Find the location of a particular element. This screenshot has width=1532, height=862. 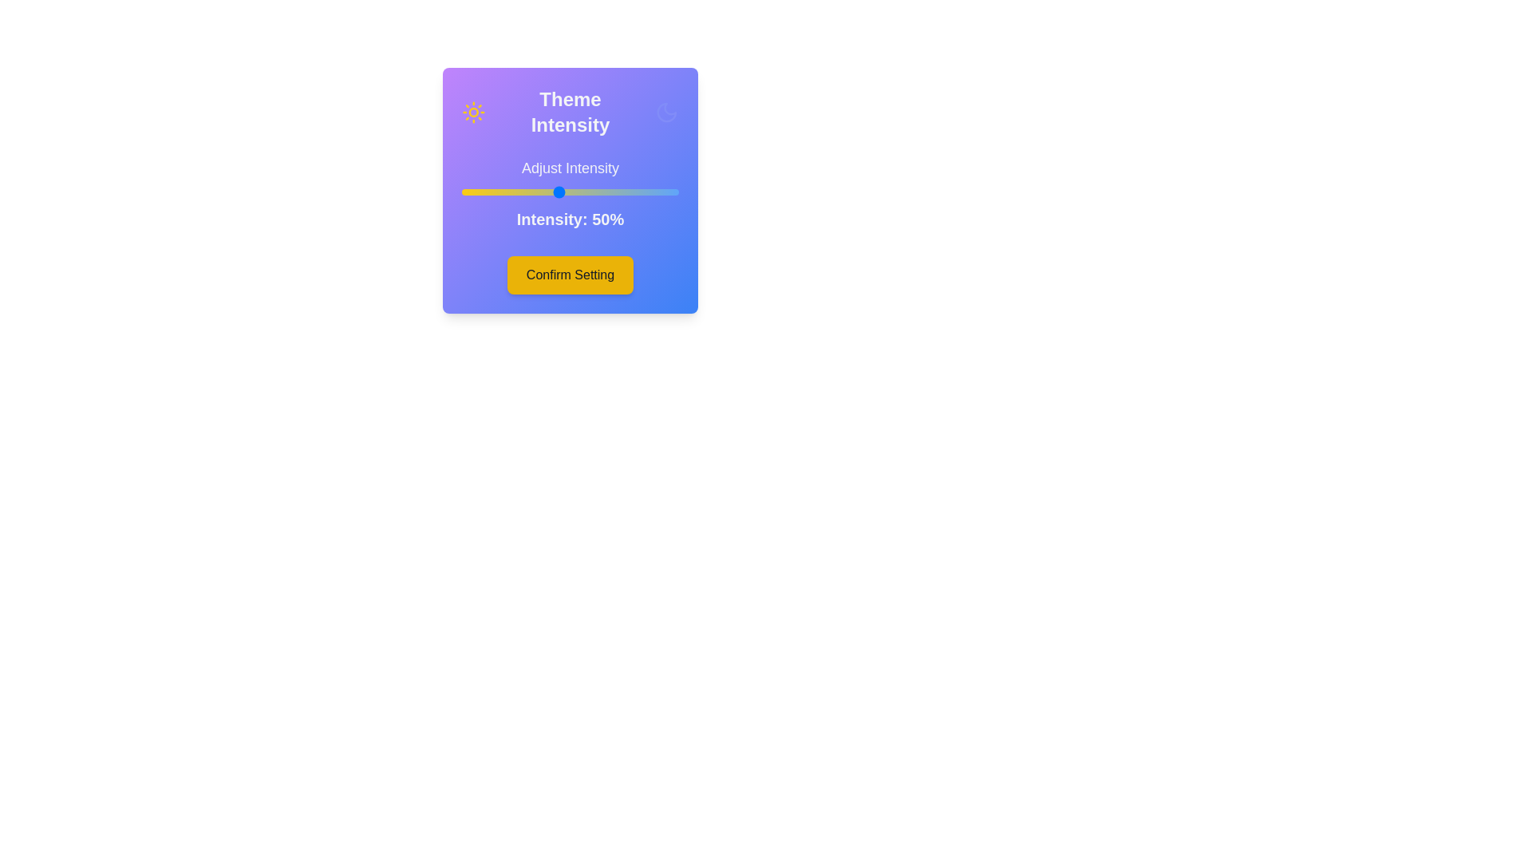

the intensity slider to 79% is located at coordinates (627, 191).